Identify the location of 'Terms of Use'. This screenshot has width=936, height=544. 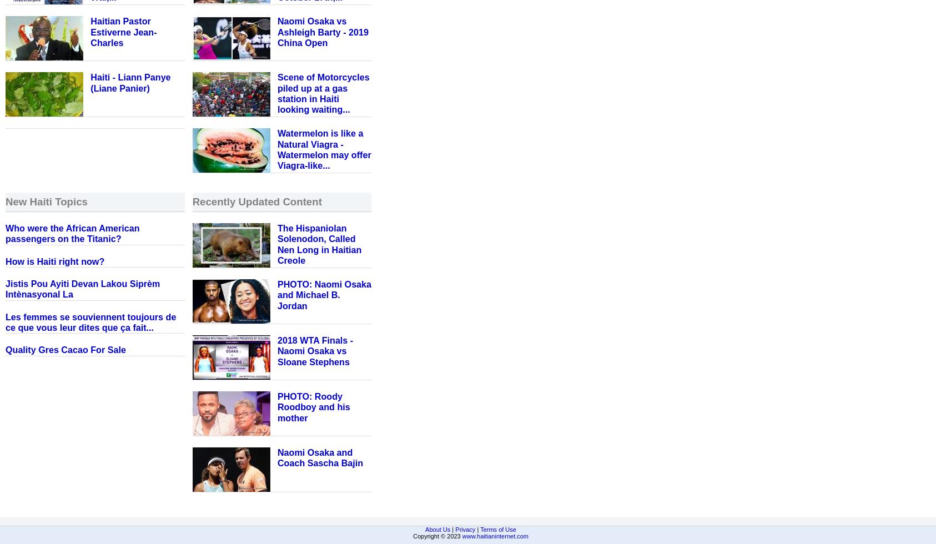
(497, 528).